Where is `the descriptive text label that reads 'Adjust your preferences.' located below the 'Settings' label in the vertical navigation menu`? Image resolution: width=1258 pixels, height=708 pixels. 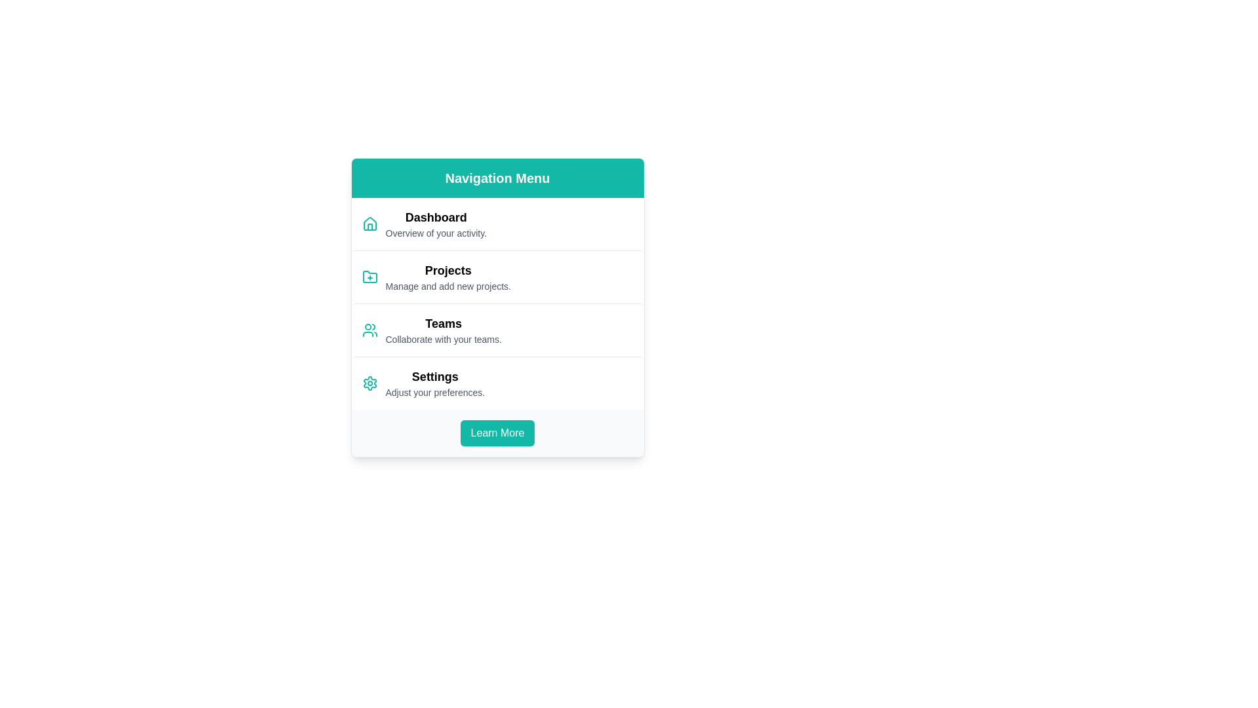 the descriptive text label that reads 'Adjust your preferences.' located below the 'Settings' label in the vertical navigation menu is located at coordinates (435, 391).